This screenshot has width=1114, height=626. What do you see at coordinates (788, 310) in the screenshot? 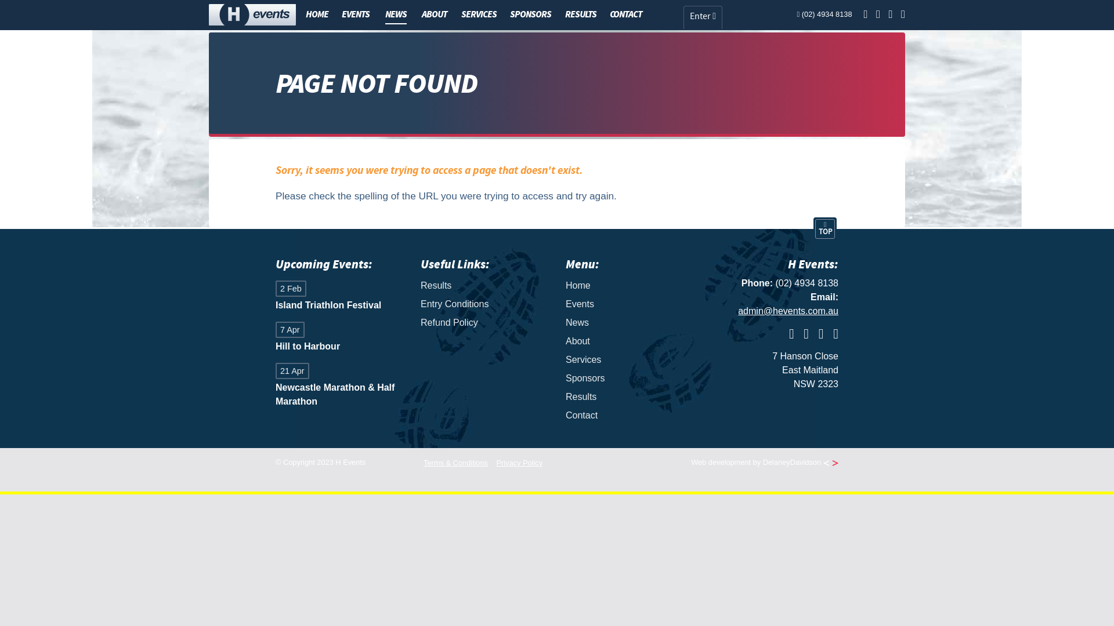
I see `'admin@hevents.com.au'` at bounding box center [788, 310].